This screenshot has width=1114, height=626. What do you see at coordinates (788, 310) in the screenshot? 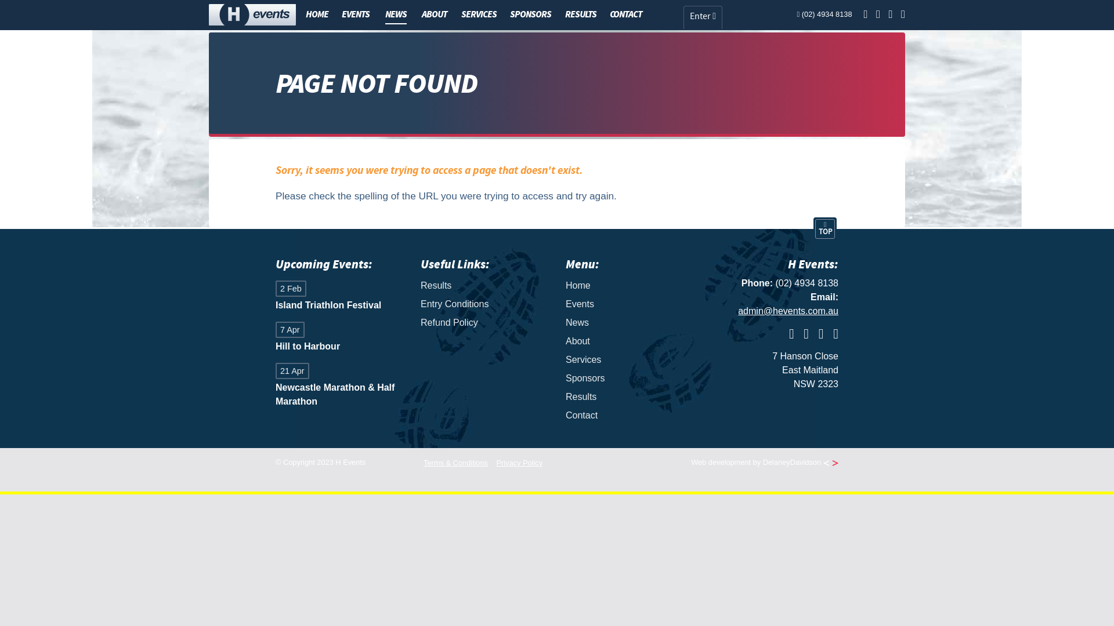
I see `'admin@hevents.com.au'` at bounding box center [788, 310].